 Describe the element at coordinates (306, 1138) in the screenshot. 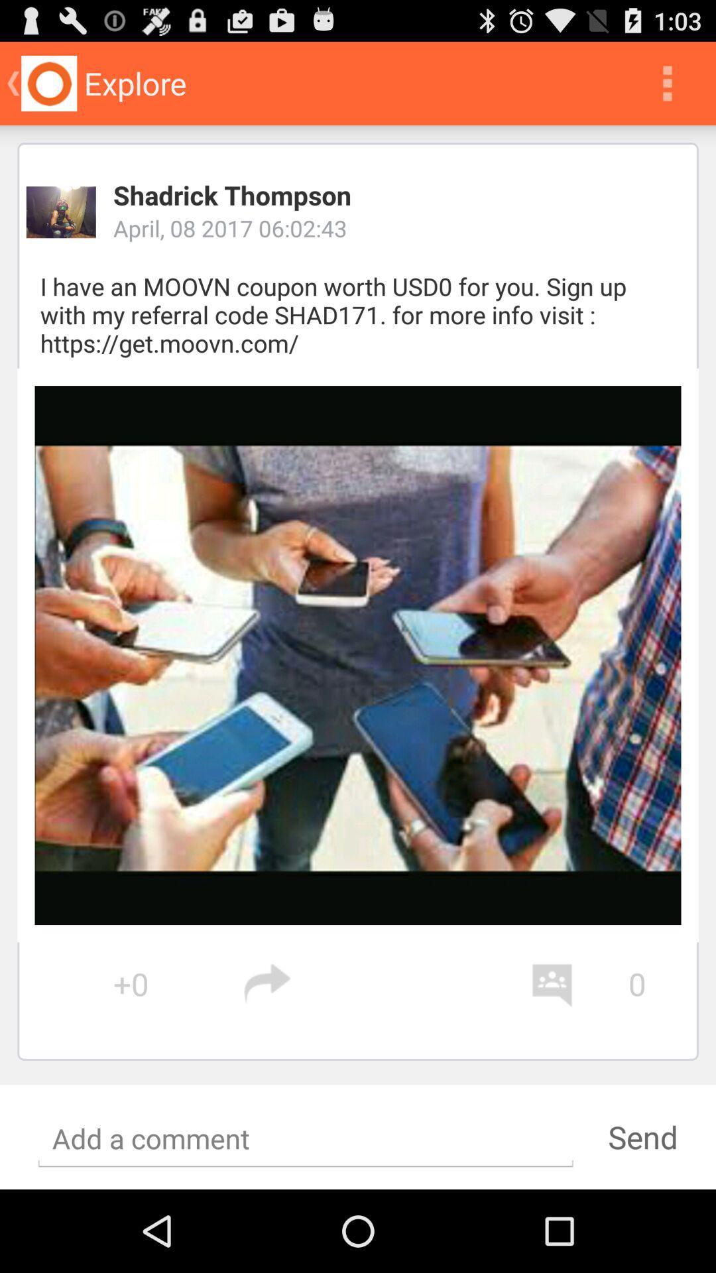

I see `the field add a comment` at that location.